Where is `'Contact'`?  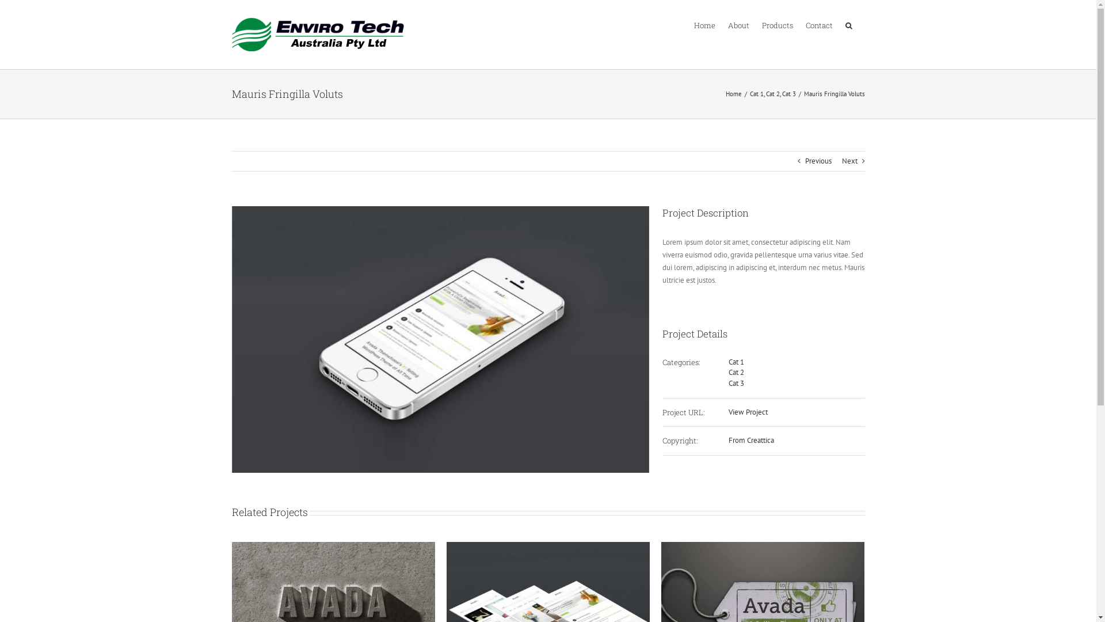
'Contact' is located at coordinates (818, 24).